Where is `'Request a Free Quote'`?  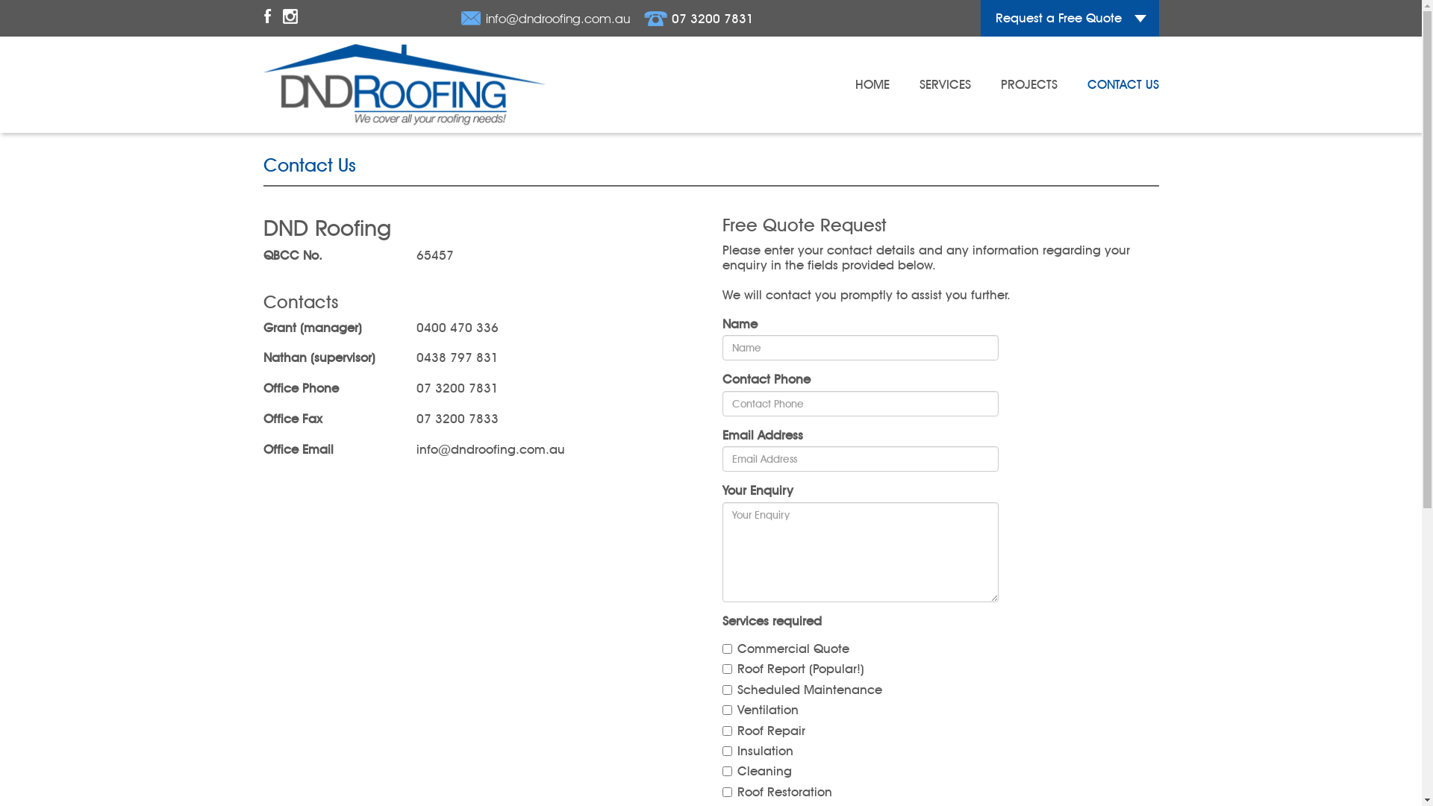
'Request a Free Quote' is located at coordinates (1069, 18).